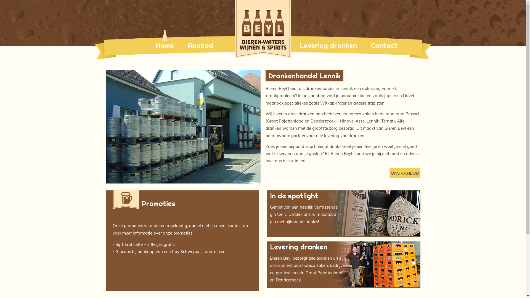 The image size is (530, 298). I want to click on 'Aanbod', so click(200, 45).